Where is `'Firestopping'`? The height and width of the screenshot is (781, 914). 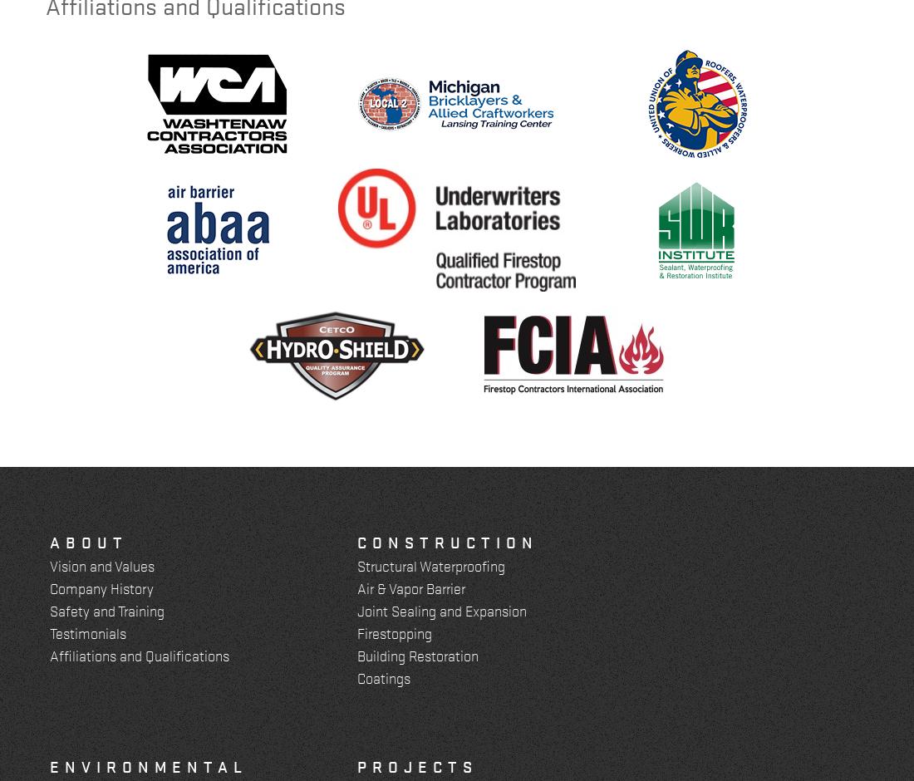 'Firestopping' is located at coordinates (393, 631).